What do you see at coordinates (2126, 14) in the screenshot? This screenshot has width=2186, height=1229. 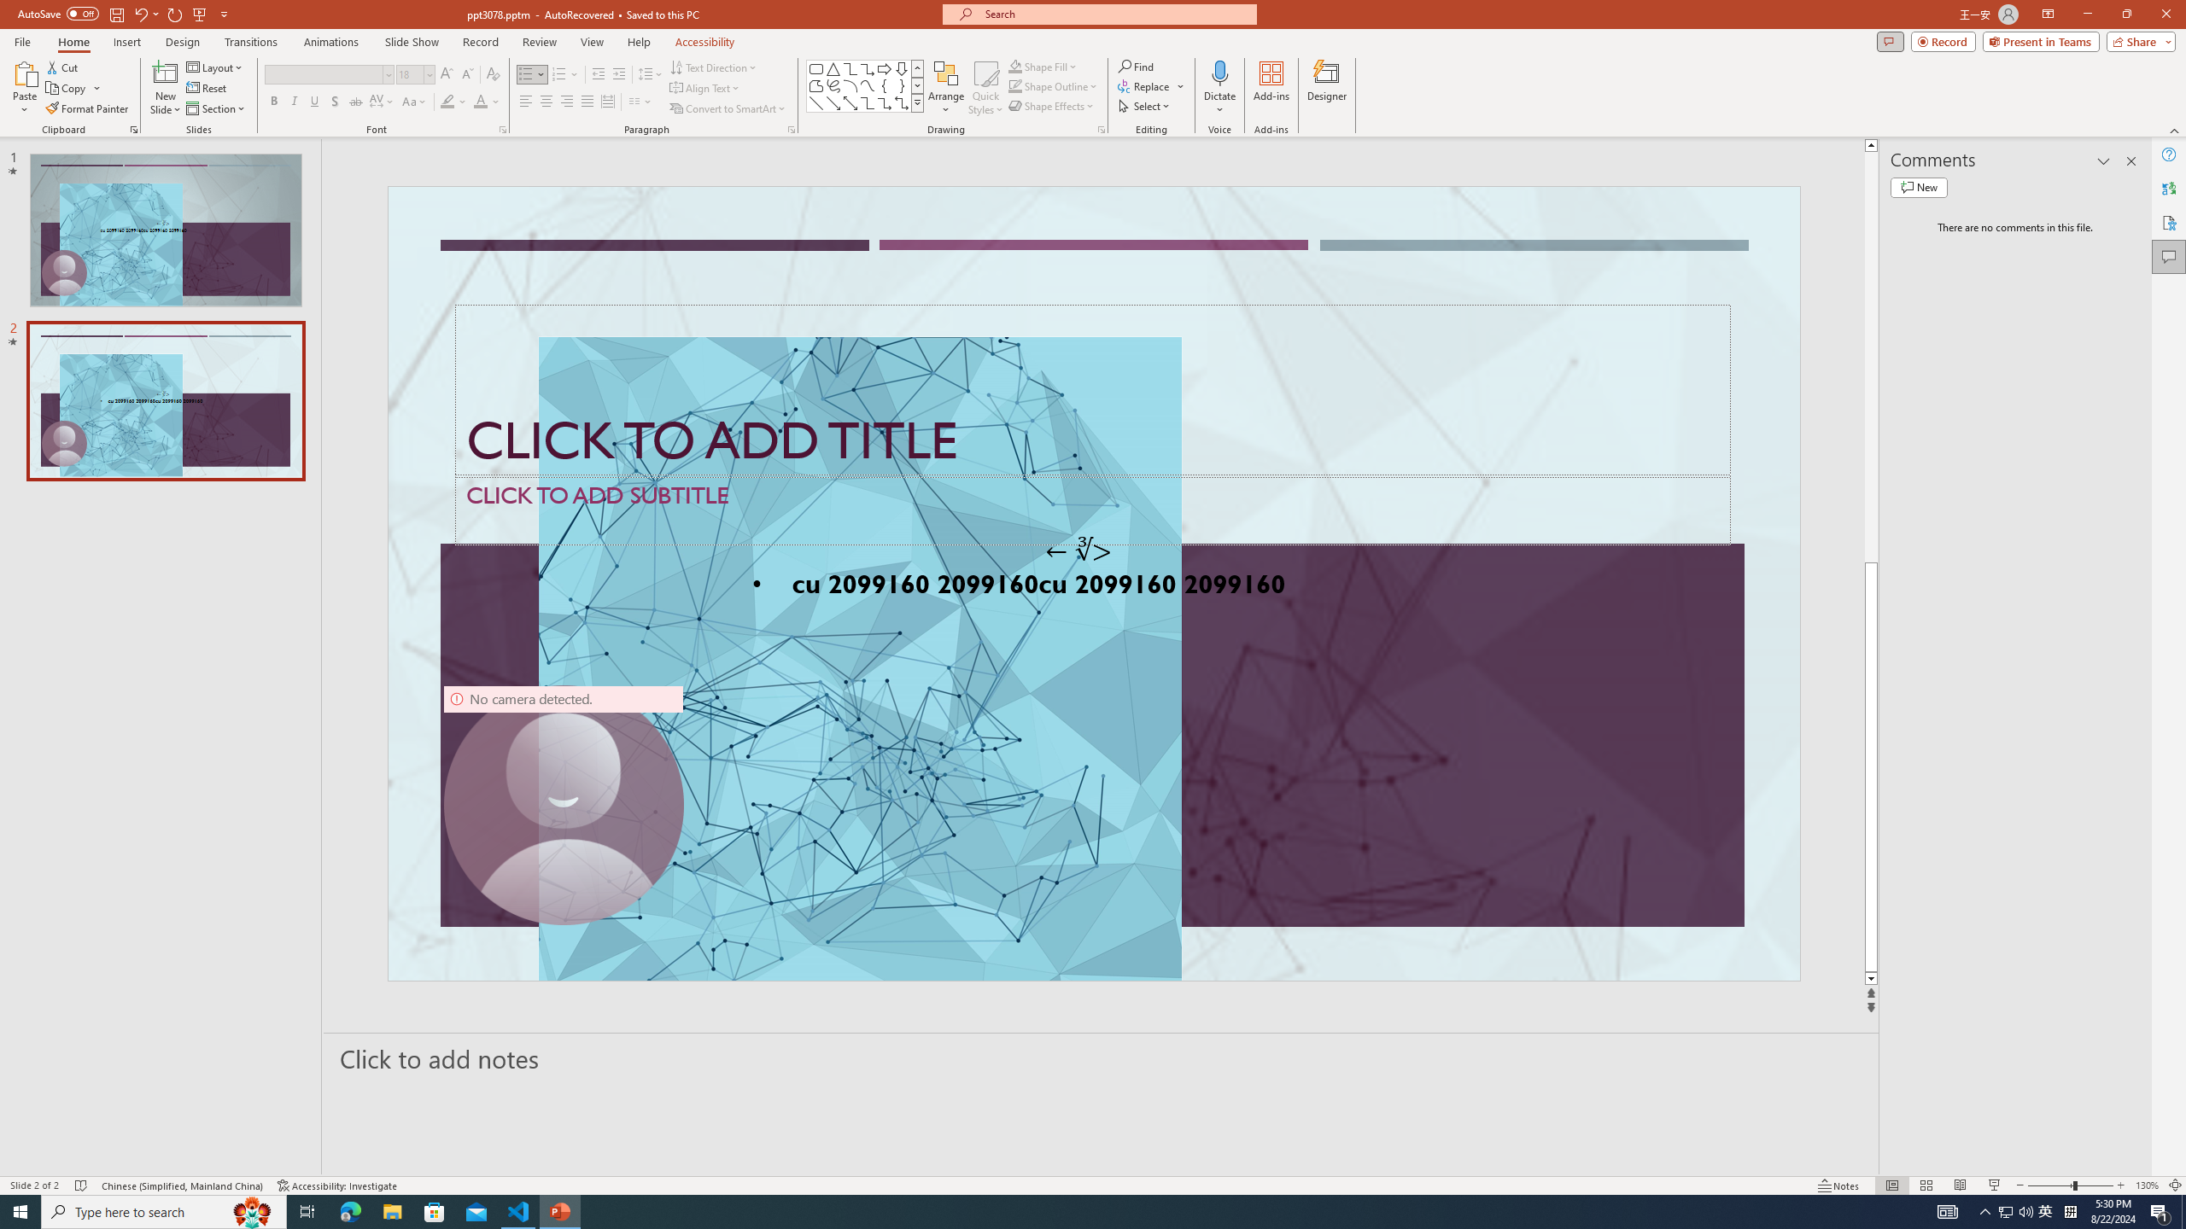 I see `'Restore Down'` at bounding box center [2126, 14].